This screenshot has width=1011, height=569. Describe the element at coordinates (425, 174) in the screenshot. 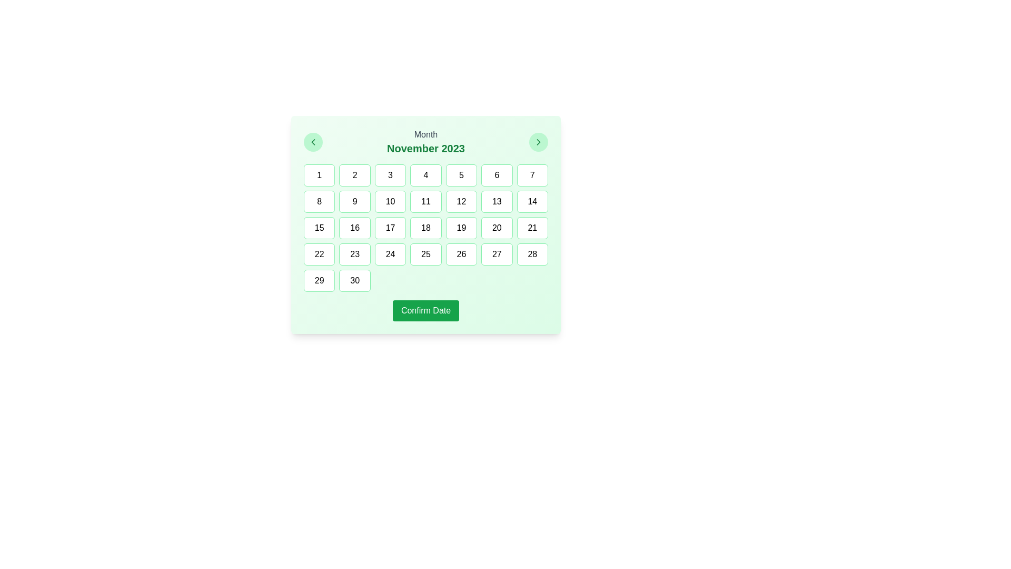

I see `the button labeled '4' with a white background and green border, located in the calendar for November 2023` at that location.